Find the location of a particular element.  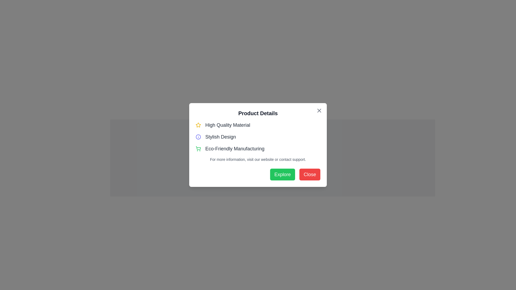

the text label that provides information about the quality of the item, located to the immediate right of a star icon inside a modal dialog under the 'Product Details' heading is located at coordinates (228, 125).